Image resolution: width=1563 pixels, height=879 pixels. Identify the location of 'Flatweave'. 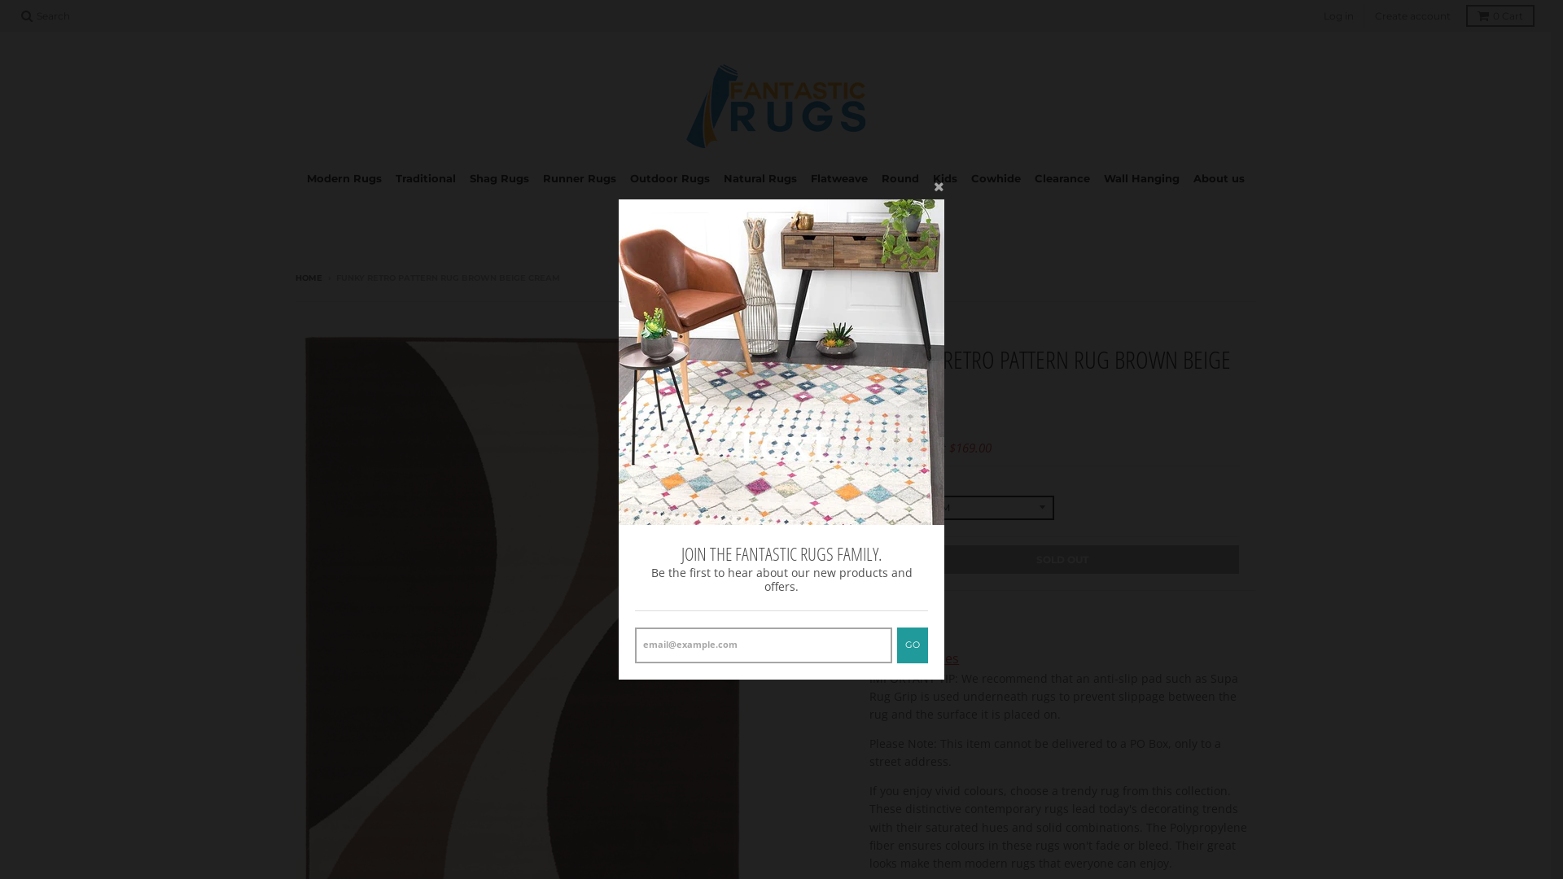
(838, 178).